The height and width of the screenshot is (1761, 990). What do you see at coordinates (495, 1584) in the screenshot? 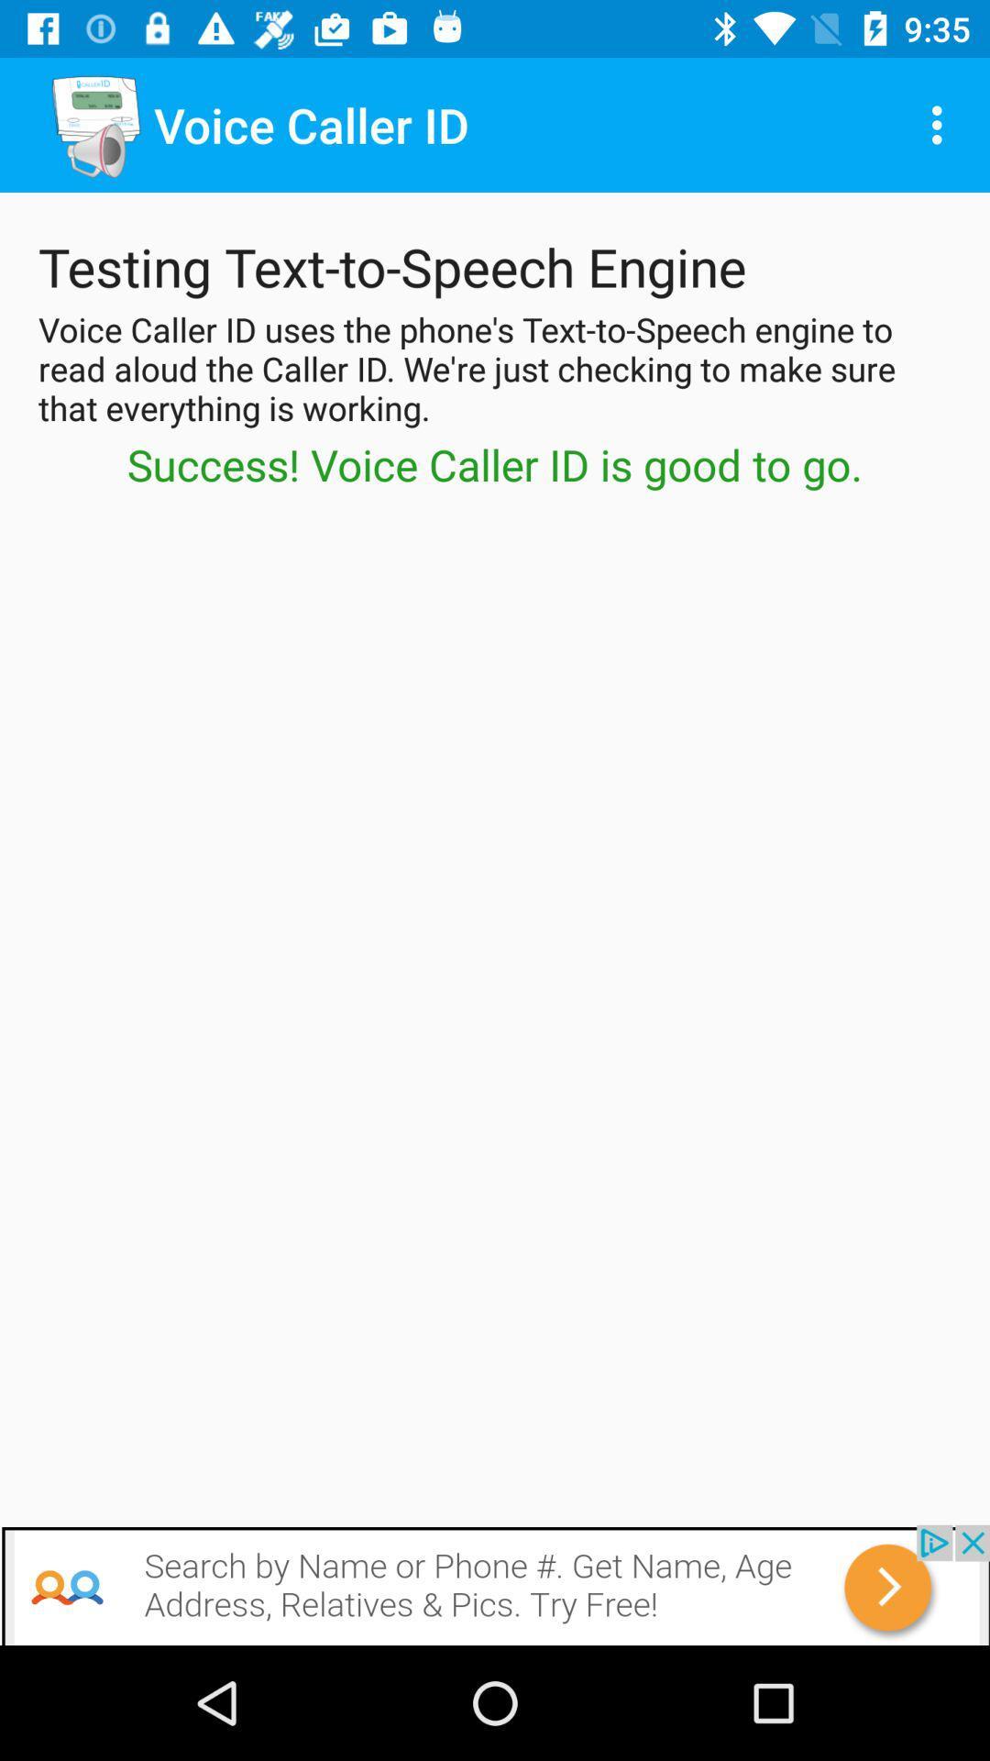
I see `open webpage of displayed advertisement` at bounding box center [495, 1584].